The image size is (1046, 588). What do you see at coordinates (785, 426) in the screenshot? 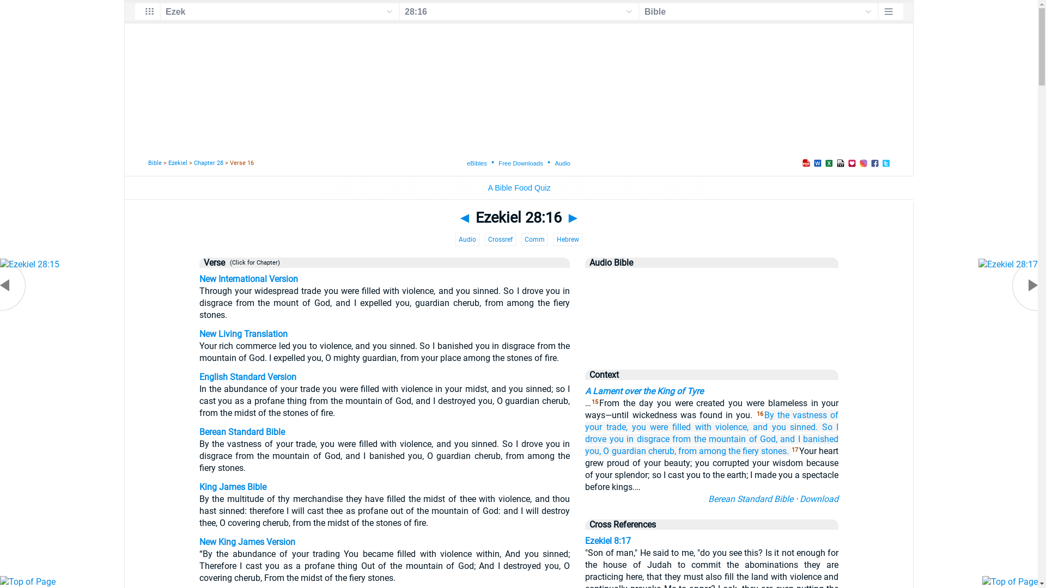
I see `'and you sinned.'` at bounding box center [785, 426].